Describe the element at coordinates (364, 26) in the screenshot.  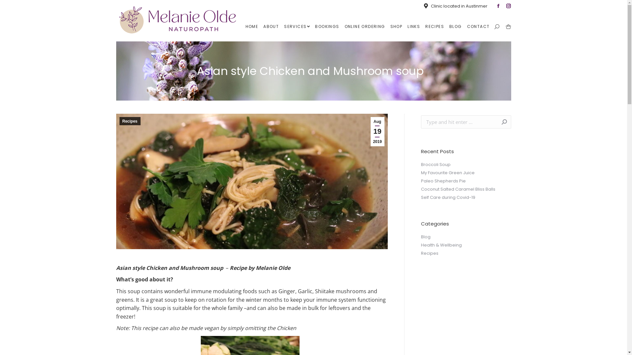
I see `'ONLINE ORDERING'` at that location.